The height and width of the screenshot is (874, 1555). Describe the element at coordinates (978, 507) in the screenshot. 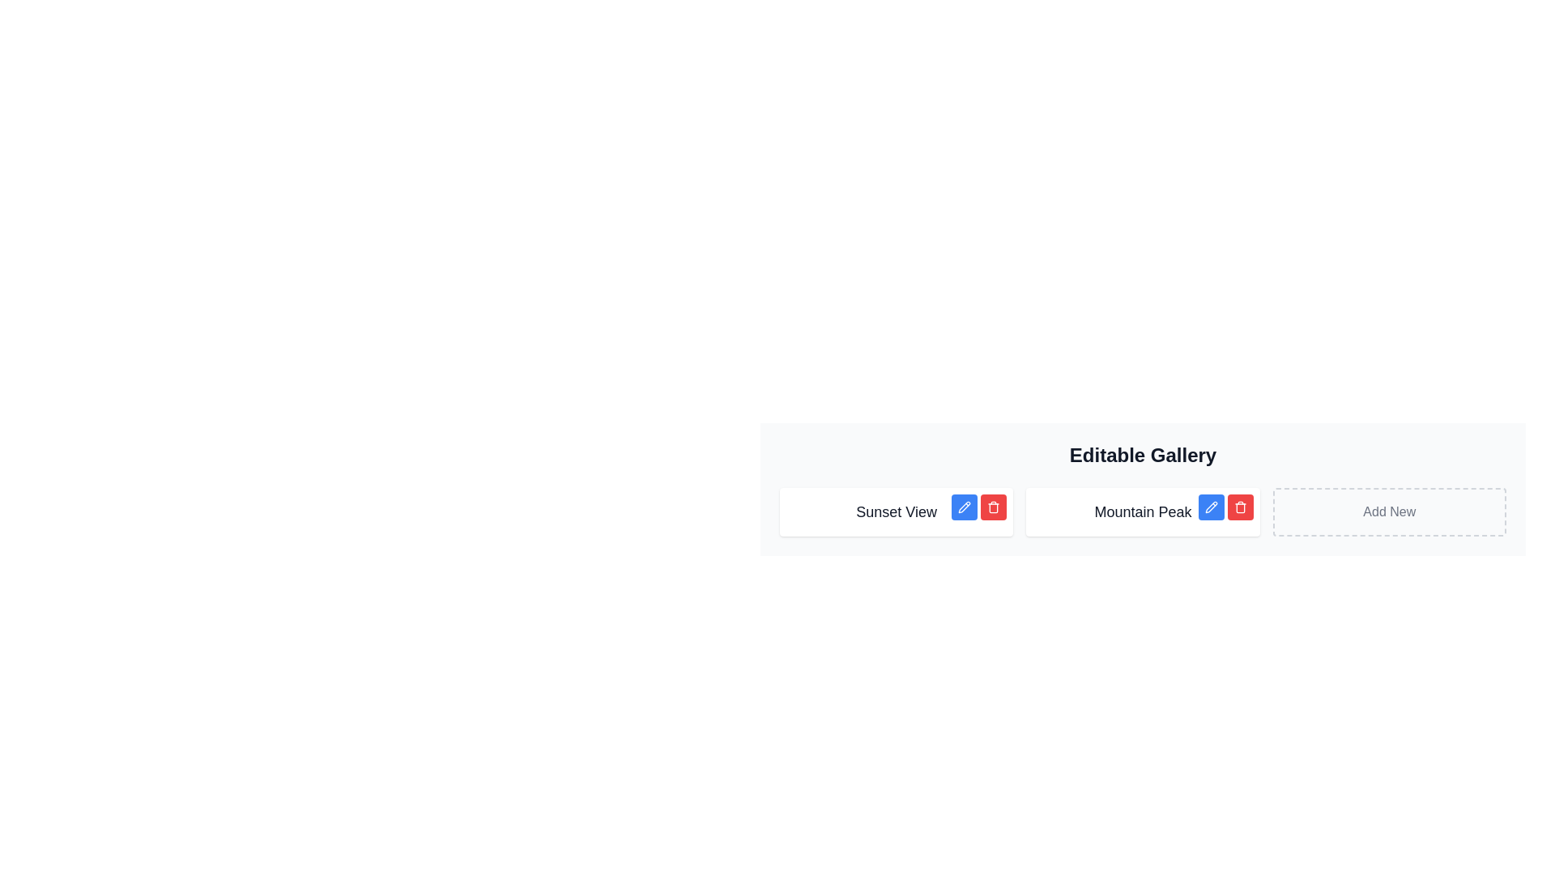

I see `the red trash button located in the button group` at that location.